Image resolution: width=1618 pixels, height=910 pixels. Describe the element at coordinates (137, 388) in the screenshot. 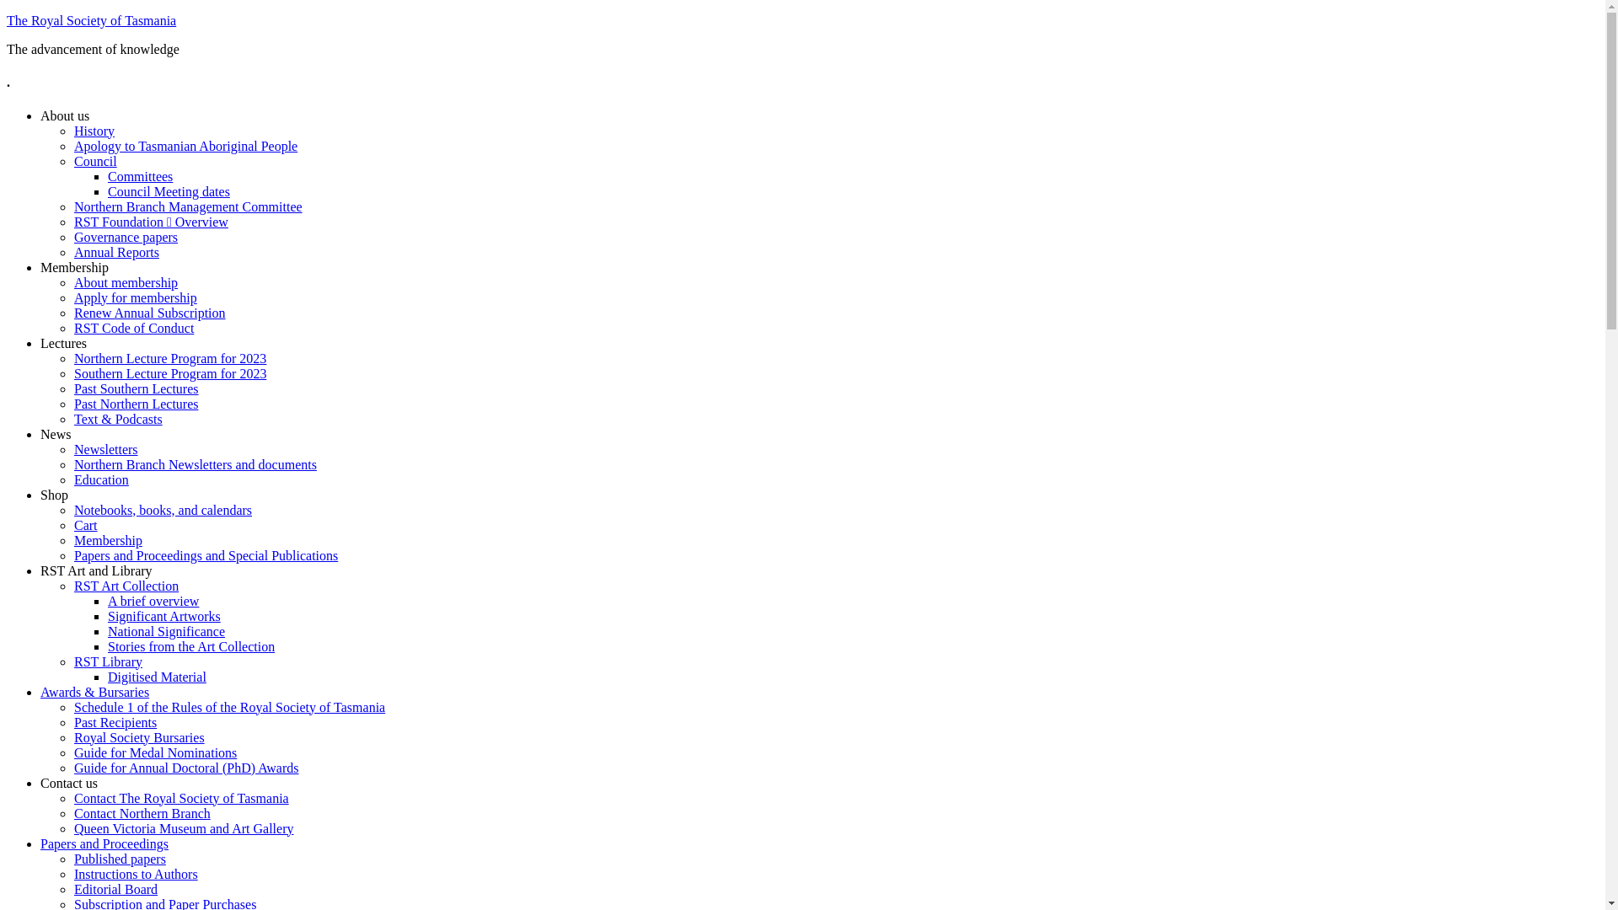

I see `'Past Southern Lectures'` at that location.